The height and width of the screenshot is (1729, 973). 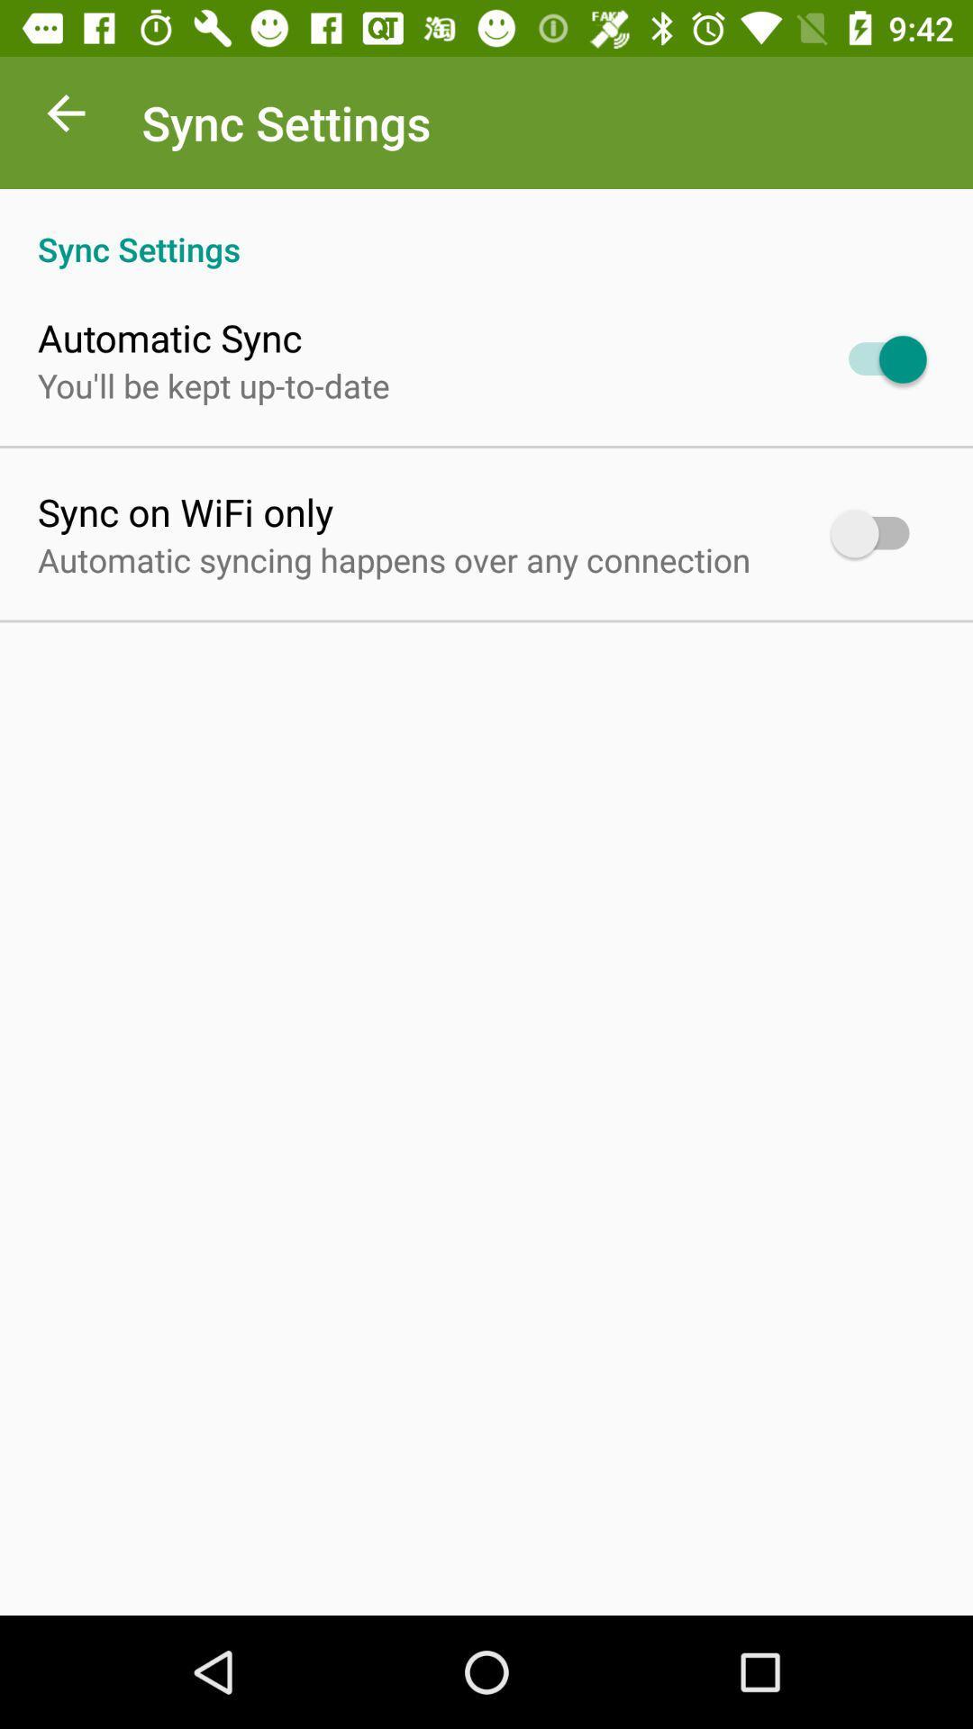 What do you see at coordinates (213, 385) in the screenshot?
I see `icon above the sync on wifi item` at bounding box center [213, 385].